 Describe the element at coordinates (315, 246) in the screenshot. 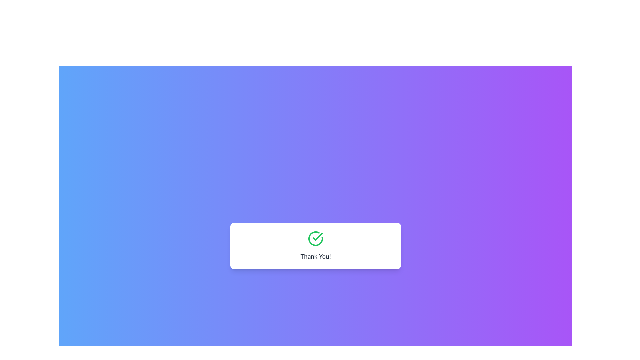

I see `the Text Block with Icon that conveys a success or confirmation message, centrally placed within a white card with rounded corners and shadow` at that location.